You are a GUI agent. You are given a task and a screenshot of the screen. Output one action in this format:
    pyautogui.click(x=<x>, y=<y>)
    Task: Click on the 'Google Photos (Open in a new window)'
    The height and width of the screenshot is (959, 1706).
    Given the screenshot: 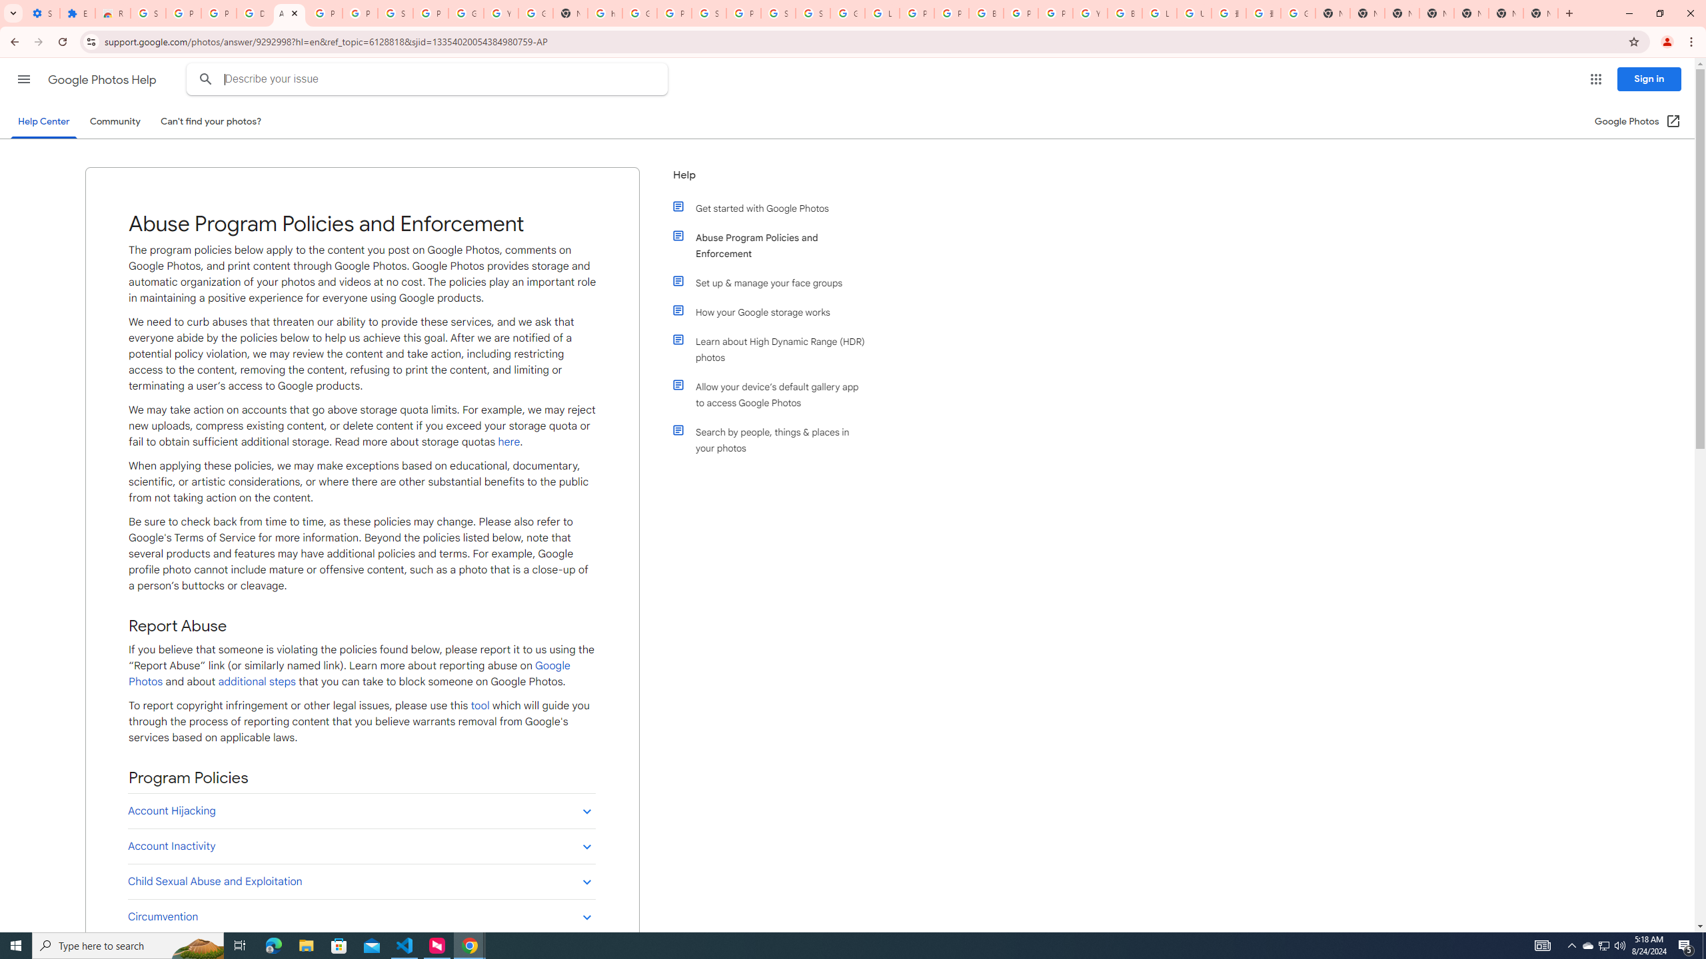 What is the action you would take?
    pyautogui.click(x=1637, y=121)
    